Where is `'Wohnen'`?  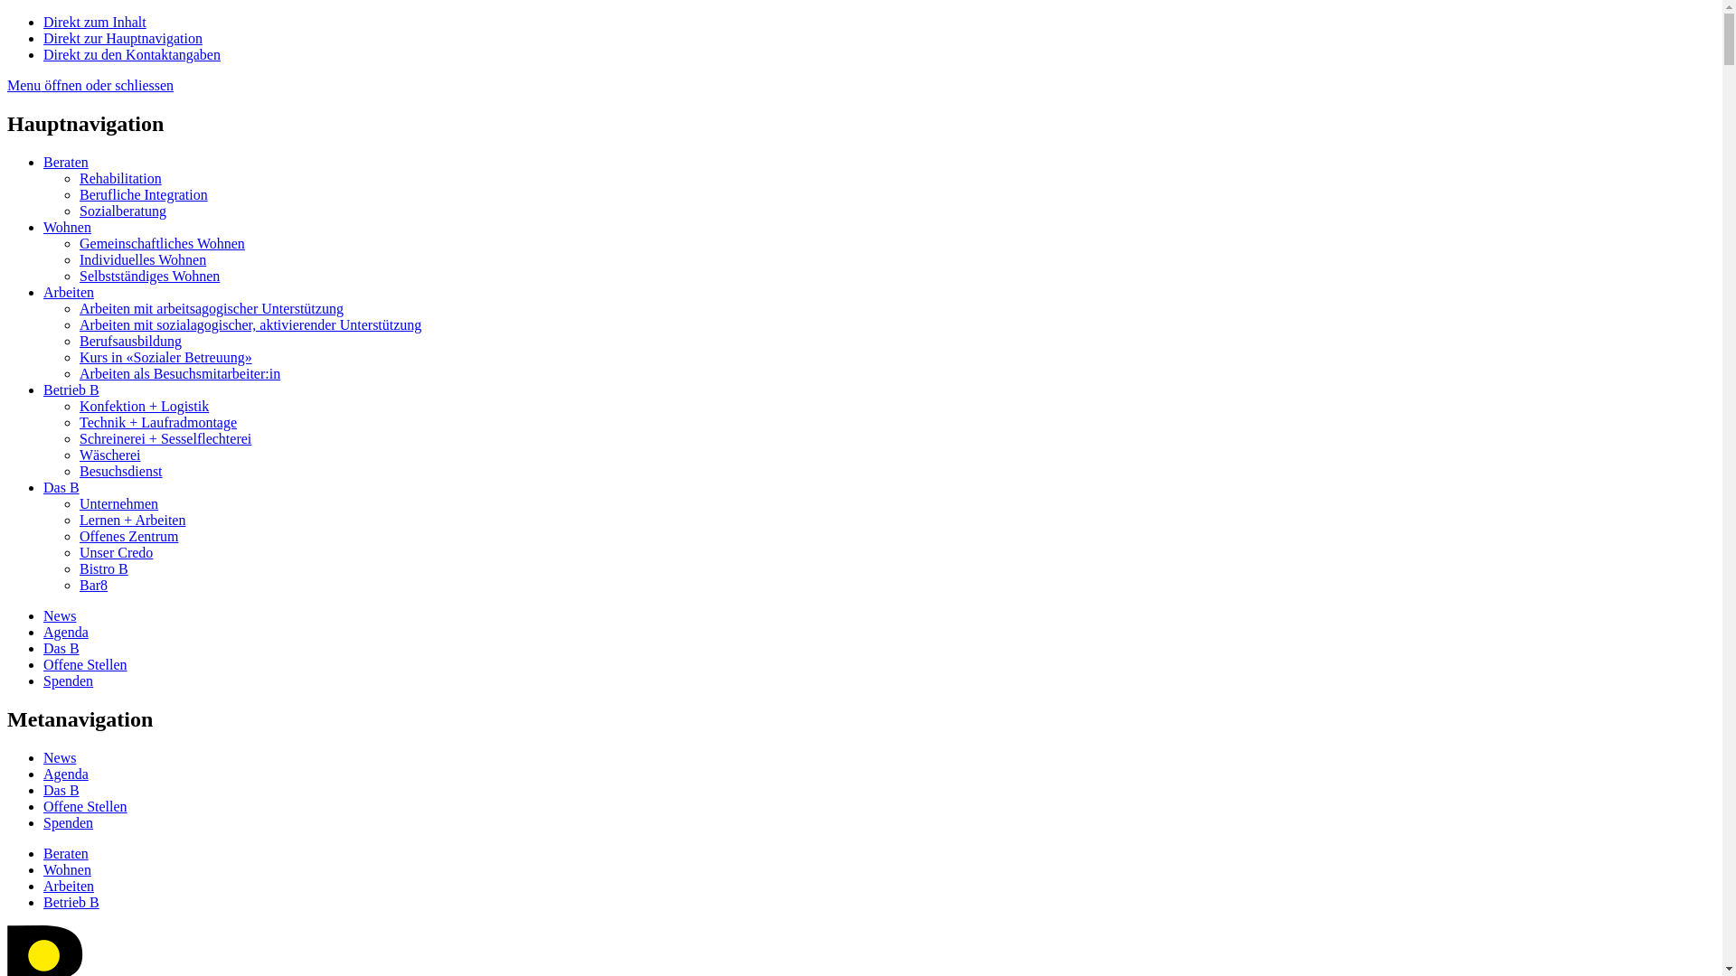
'Wohnen' is located at coordinates (67, 226).